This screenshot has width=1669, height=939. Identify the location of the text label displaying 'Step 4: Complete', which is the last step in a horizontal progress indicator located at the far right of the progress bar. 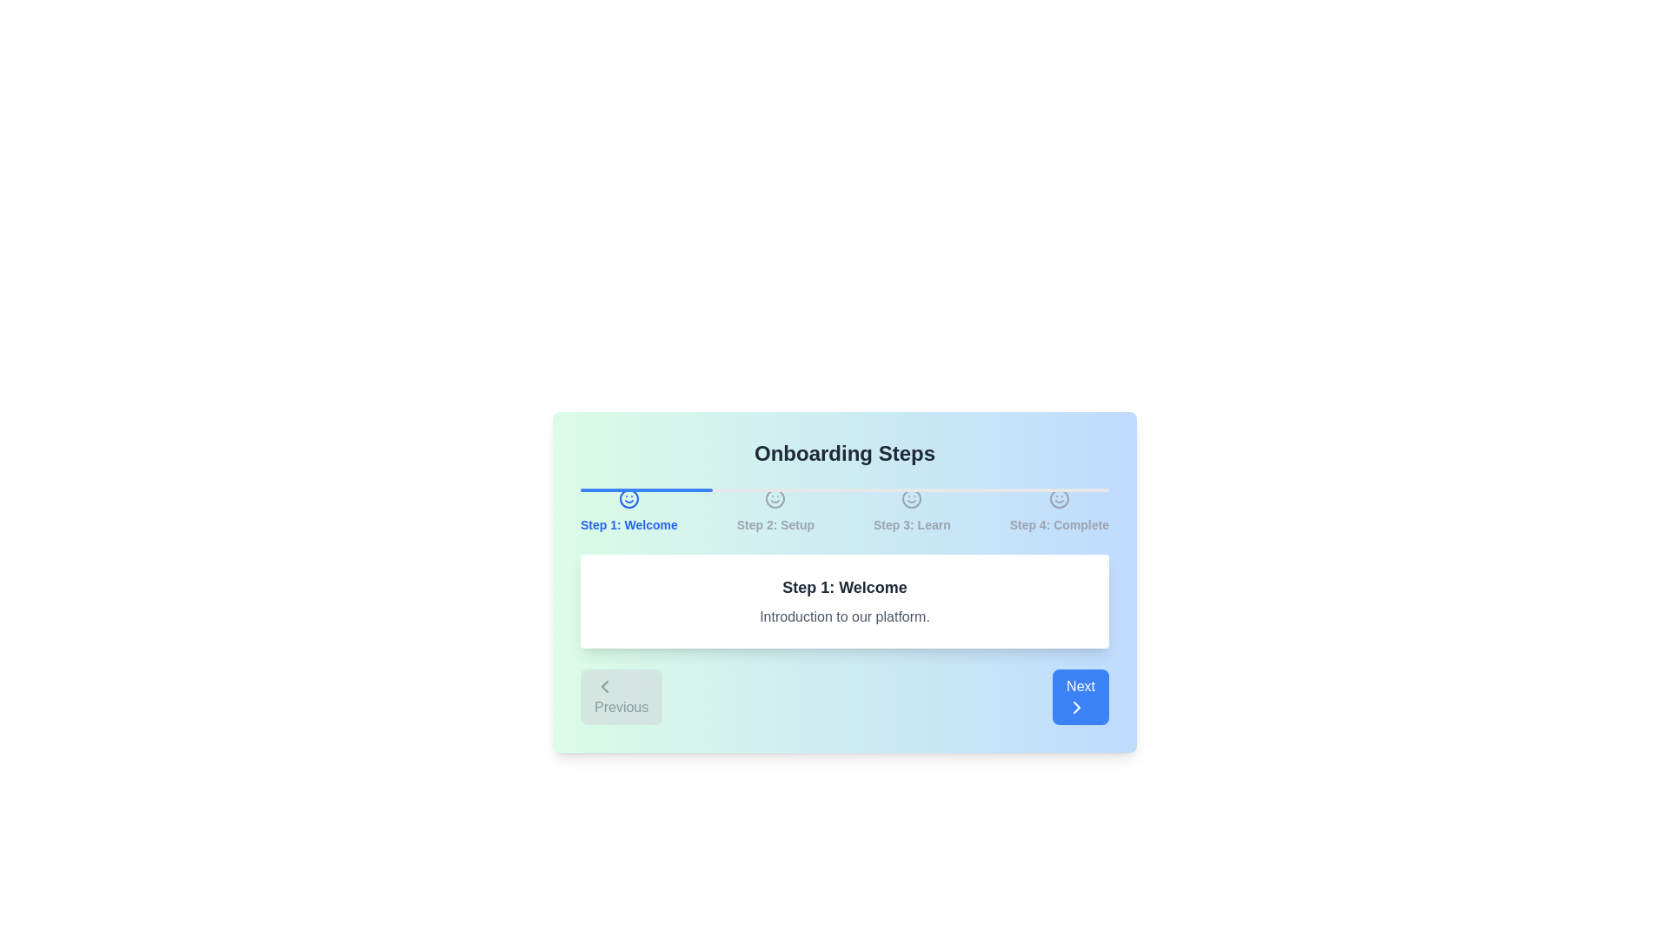
(1058, 524).